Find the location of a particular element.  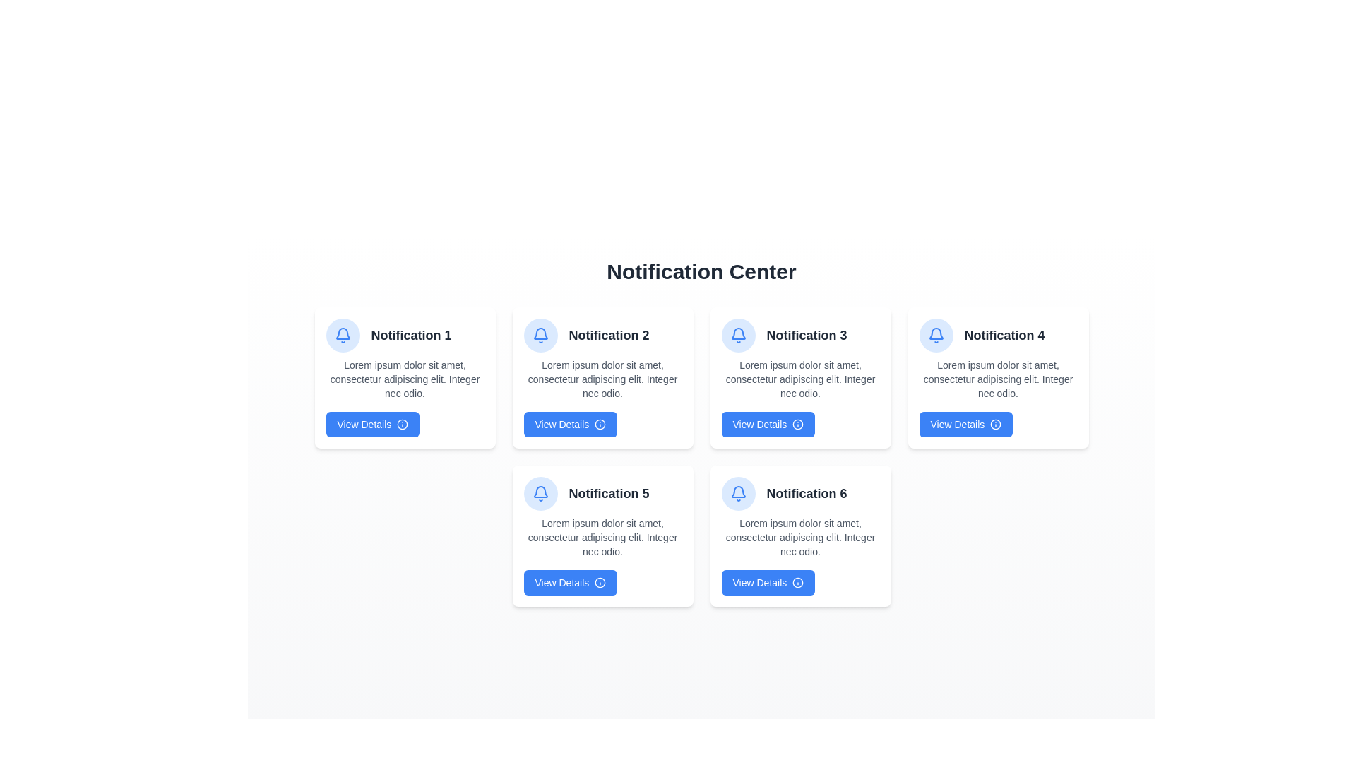

the Text block located beneath the title of 'Notification 1' and above the 'View Details' button is located at coordinates (404, 378).